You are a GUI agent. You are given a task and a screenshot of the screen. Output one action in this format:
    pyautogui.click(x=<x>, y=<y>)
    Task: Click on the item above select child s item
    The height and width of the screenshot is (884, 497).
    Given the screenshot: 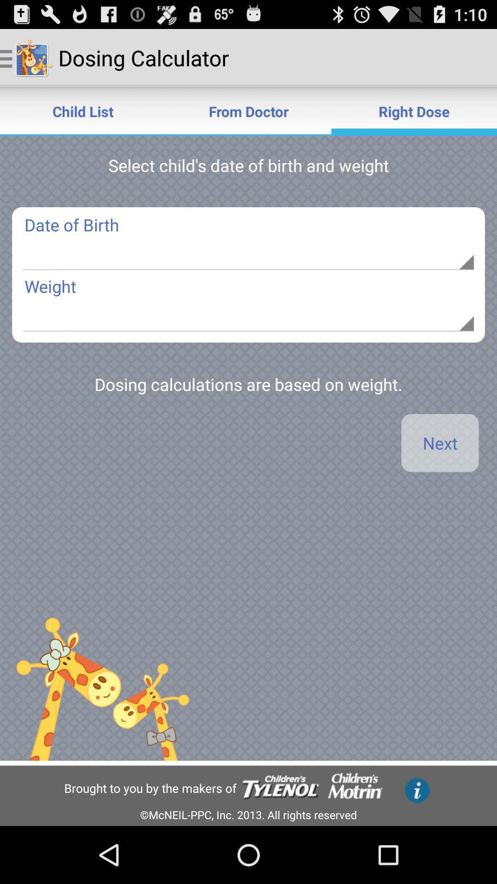 What is the action you would take?
    pyautogui.click(x=248, y=110)
    